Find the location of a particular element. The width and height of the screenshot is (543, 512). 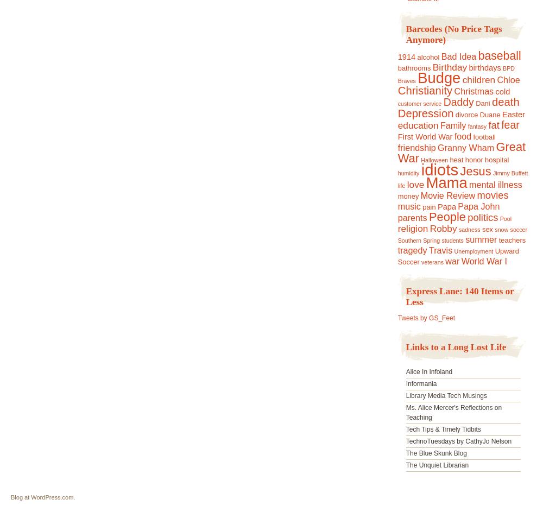

'idiots' is located at coordinates (439, 168).